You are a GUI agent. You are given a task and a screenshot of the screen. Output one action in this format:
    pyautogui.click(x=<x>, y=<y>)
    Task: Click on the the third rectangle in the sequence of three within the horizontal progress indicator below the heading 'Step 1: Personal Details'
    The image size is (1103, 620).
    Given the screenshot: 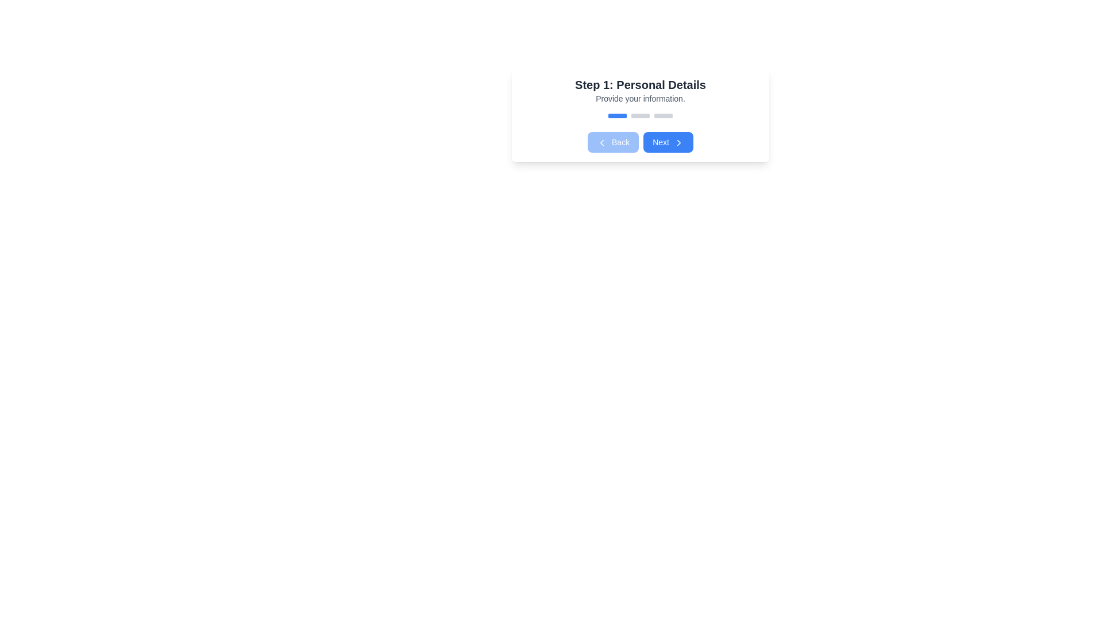 What is the action you would take?
    pyautogui.click(x=664, y=115)
    